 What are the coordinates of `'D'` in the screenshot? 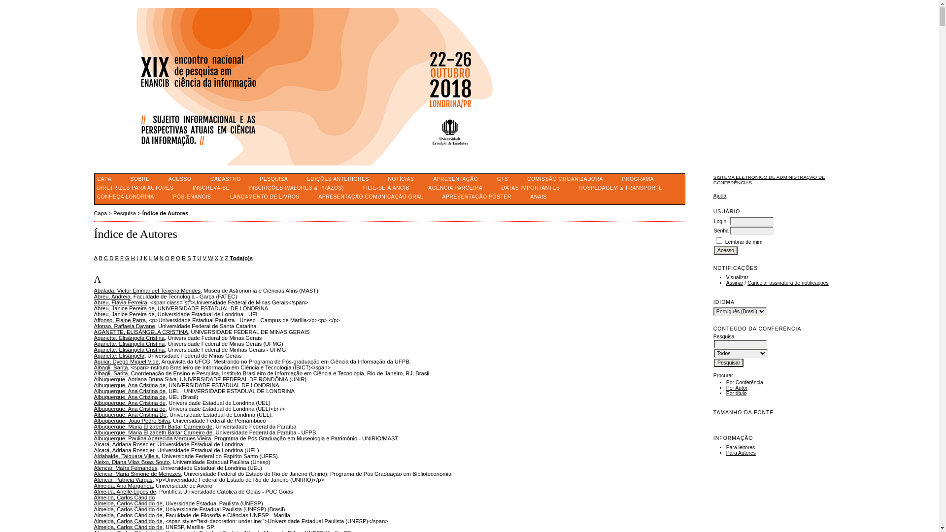 It's located at (109, 258).